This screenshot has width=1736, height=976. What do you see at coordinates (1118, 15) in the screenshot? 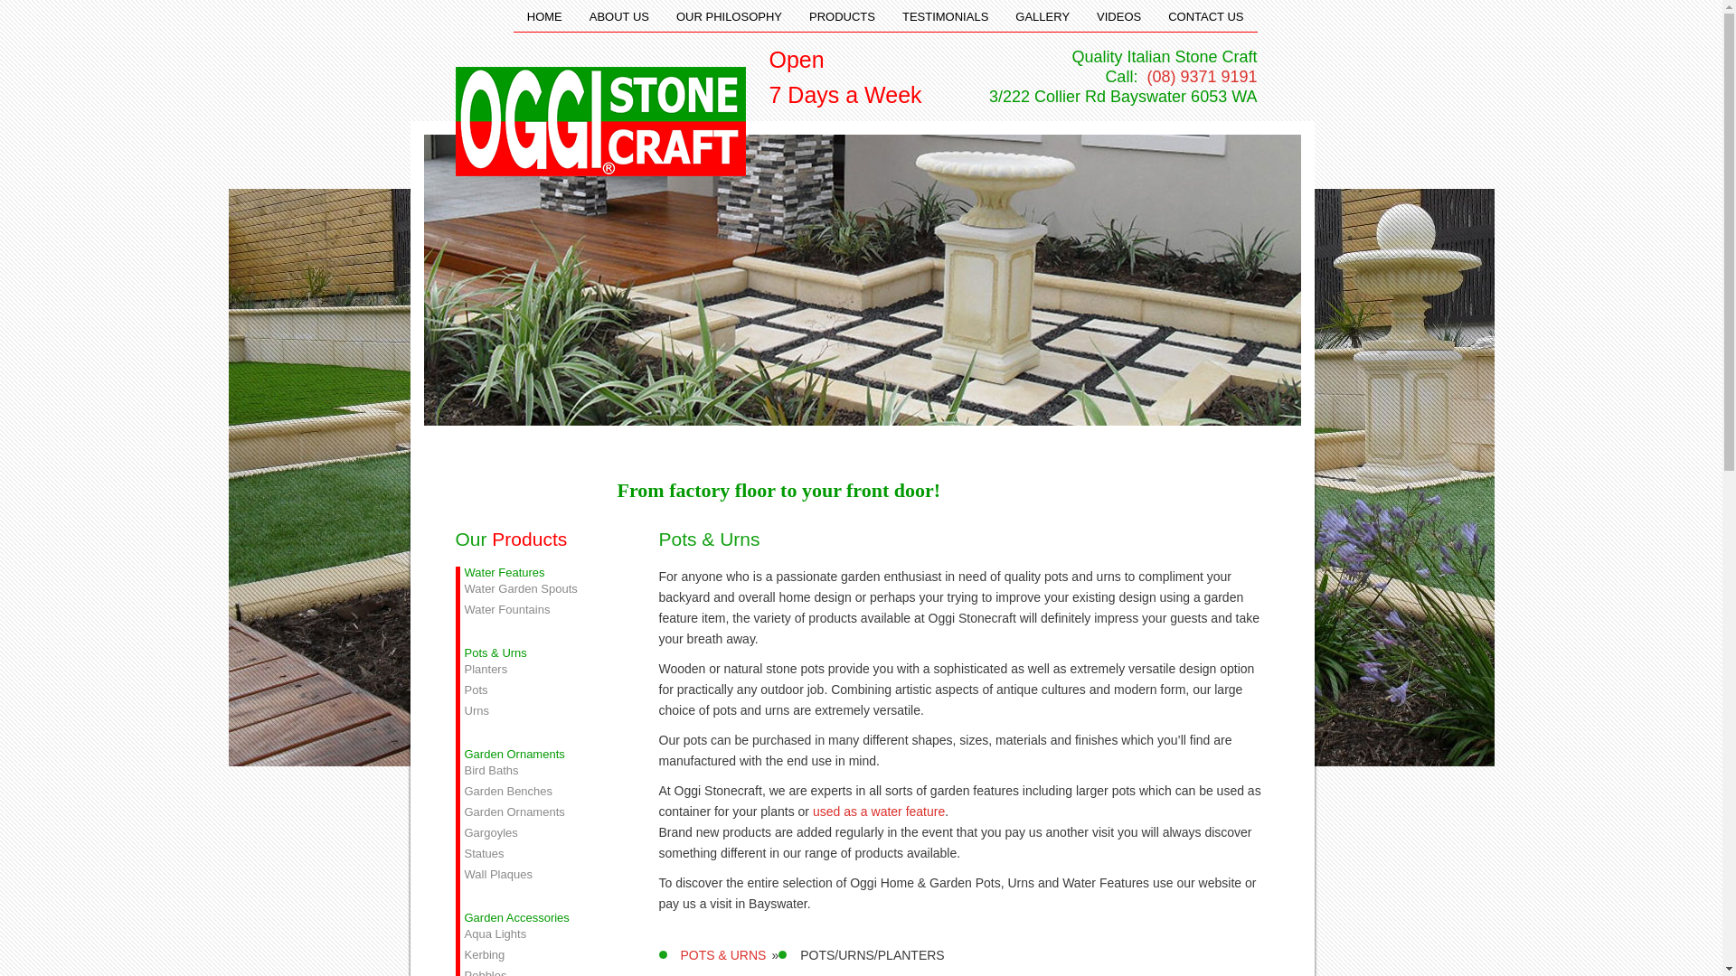
I see `'VIDEOS'` at bounding box center [1118, 15].